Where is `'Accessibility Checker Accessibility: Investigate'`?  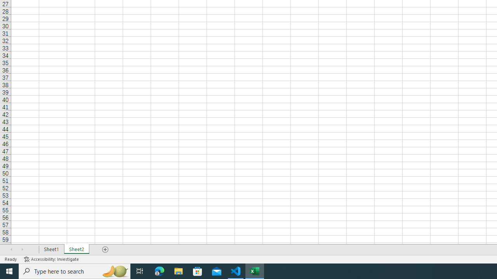 'Accessibility Checker Accessibility: Investigate' is located at coordinates (52, 259).